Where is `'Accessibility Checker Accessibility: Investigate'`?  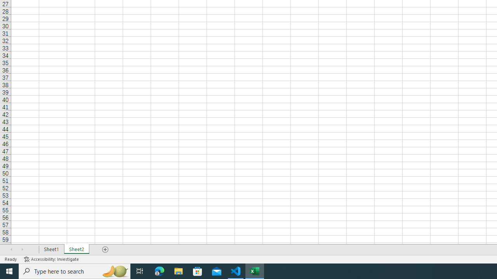 'Accessibility Checker Accessibility: Investigate' is located at coordinates (52, 259).